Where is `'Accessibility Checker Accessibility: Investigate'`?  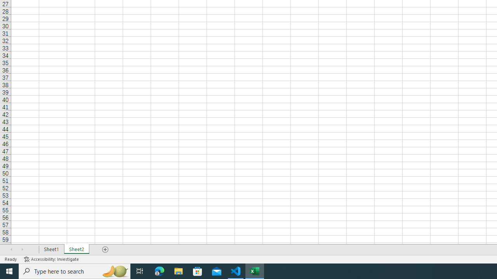 'Accessibility Checker Accessibility: Investigate' is located at coordinates (52, 259).